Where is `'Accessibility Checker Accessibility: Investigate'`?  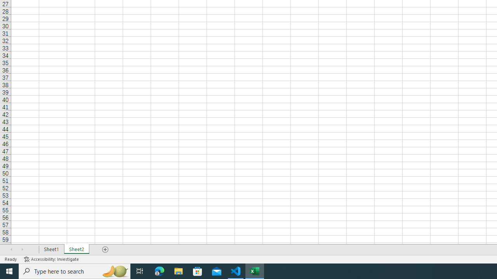 'Accessibility Checker Accessibility: Investigate' is located at coordinates (52, 259).